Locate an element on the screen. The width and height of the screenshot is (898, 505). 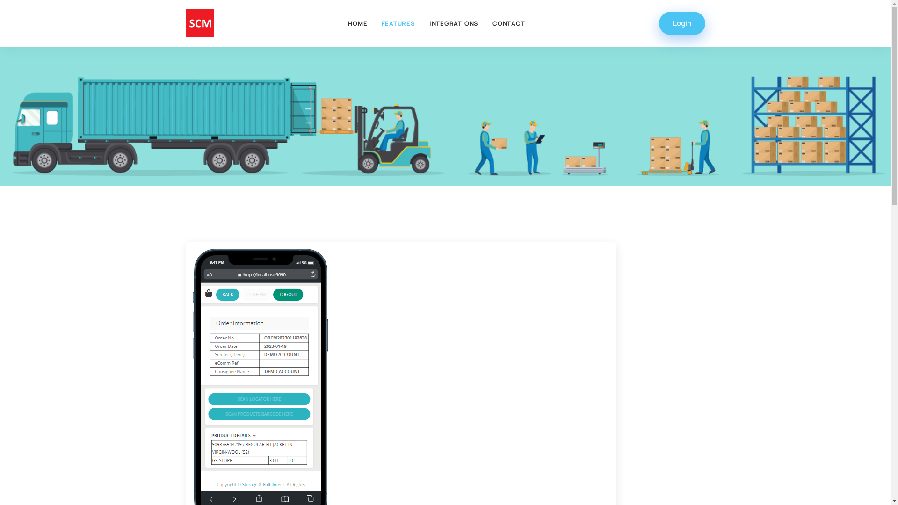
'FEATURES' is located at coordinates (375, 23).